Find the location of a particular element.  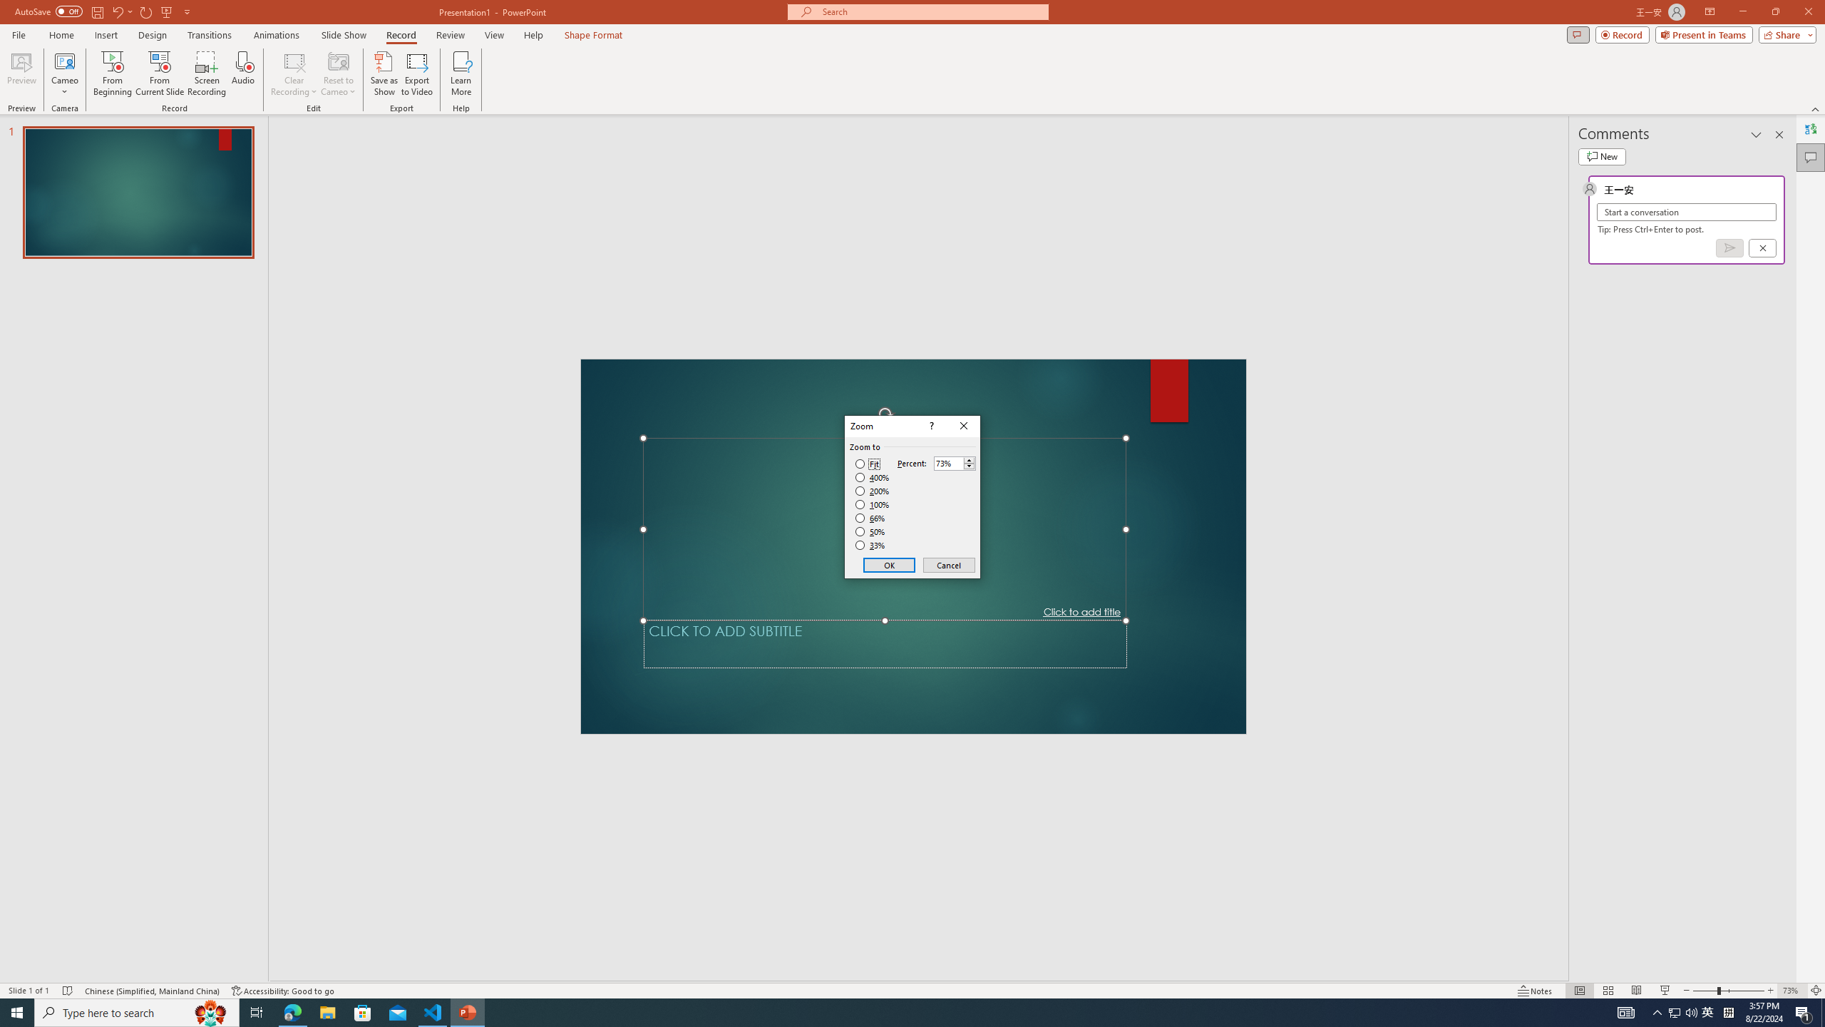

'Reset to Cameo' is located at coordinates (337, 73).